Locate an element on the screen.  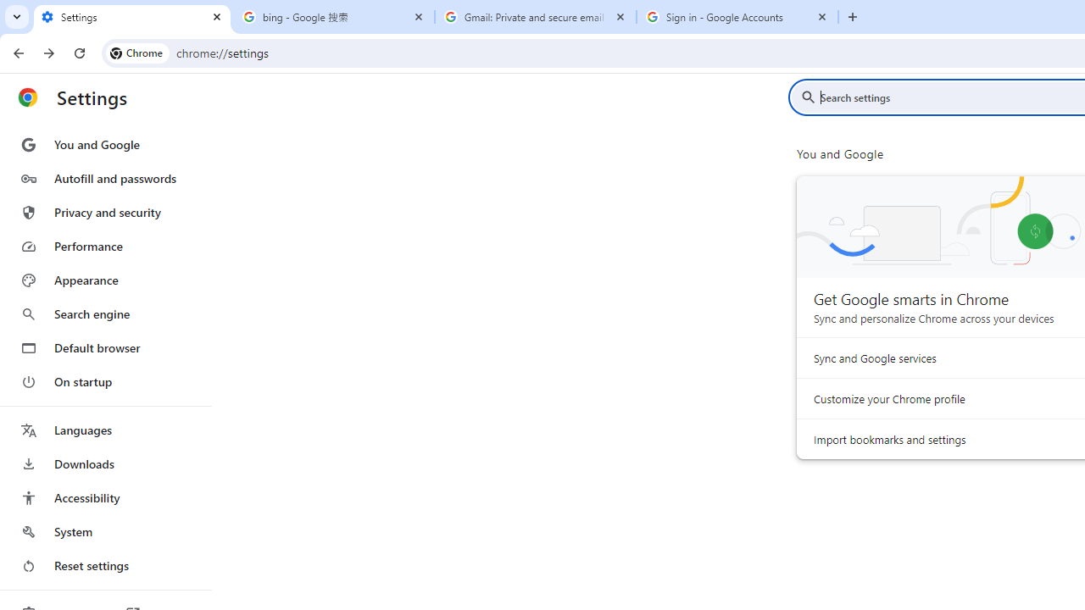
'Settings' is located at coordinates (131, 17).